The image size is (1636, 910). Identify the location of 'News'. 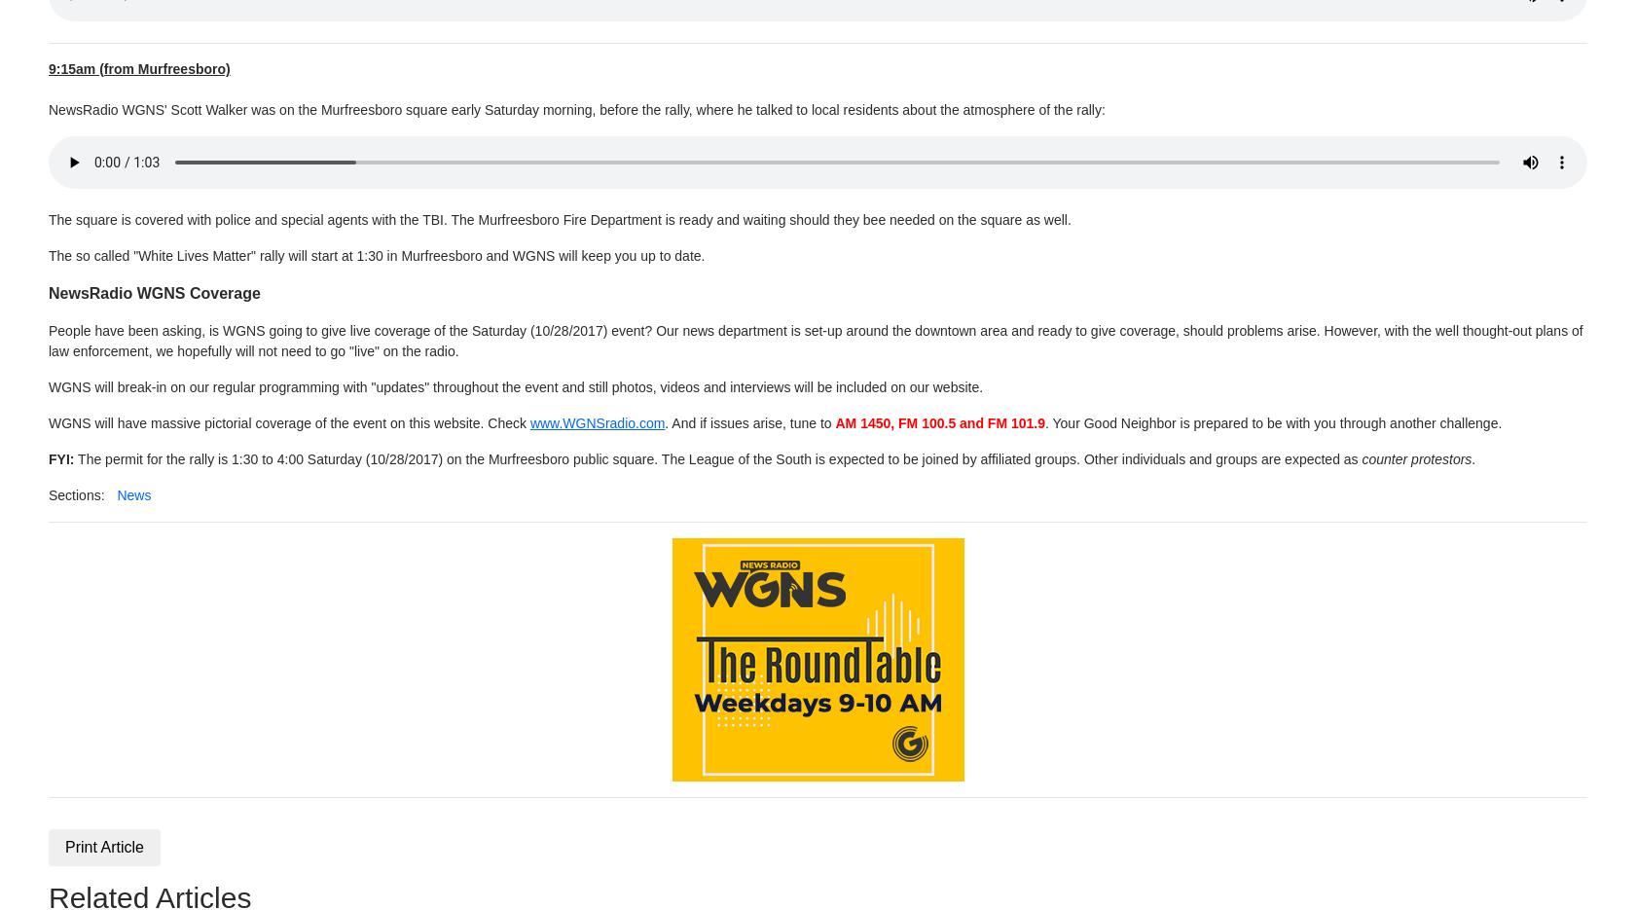
(116, 493).